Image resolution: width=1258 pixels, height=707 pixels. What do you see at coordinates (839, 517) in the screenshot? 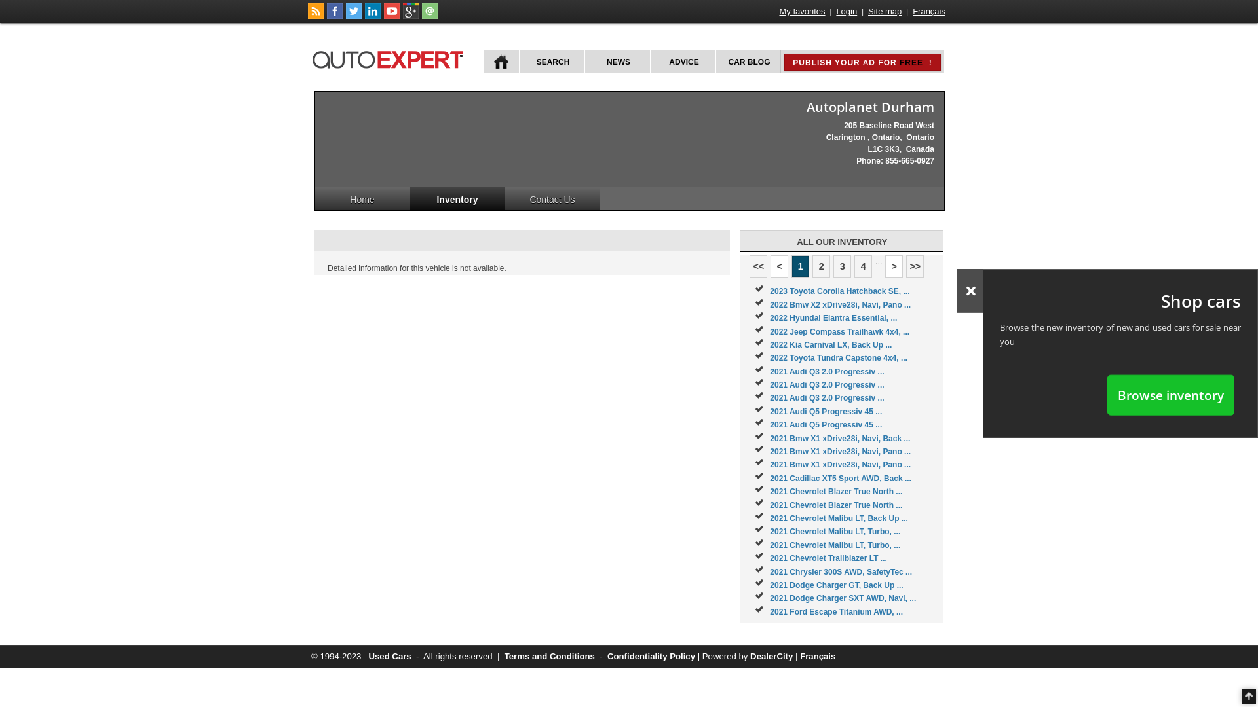
I see `'2021 Chevrolet Malibu LT, Back Up ...'` at bounding box center [839, 517].